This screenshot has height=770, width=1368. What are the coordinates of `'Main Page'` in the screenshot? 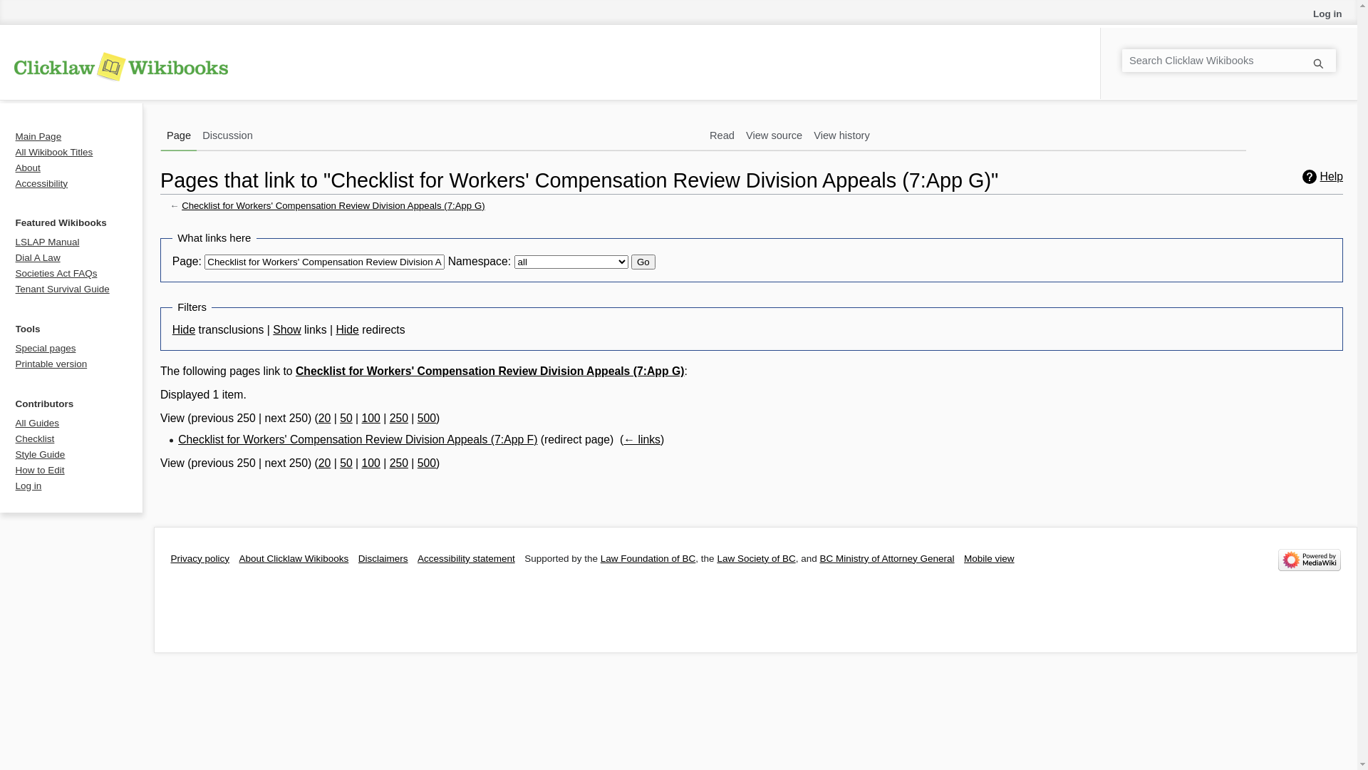 It's located at (38, 136).